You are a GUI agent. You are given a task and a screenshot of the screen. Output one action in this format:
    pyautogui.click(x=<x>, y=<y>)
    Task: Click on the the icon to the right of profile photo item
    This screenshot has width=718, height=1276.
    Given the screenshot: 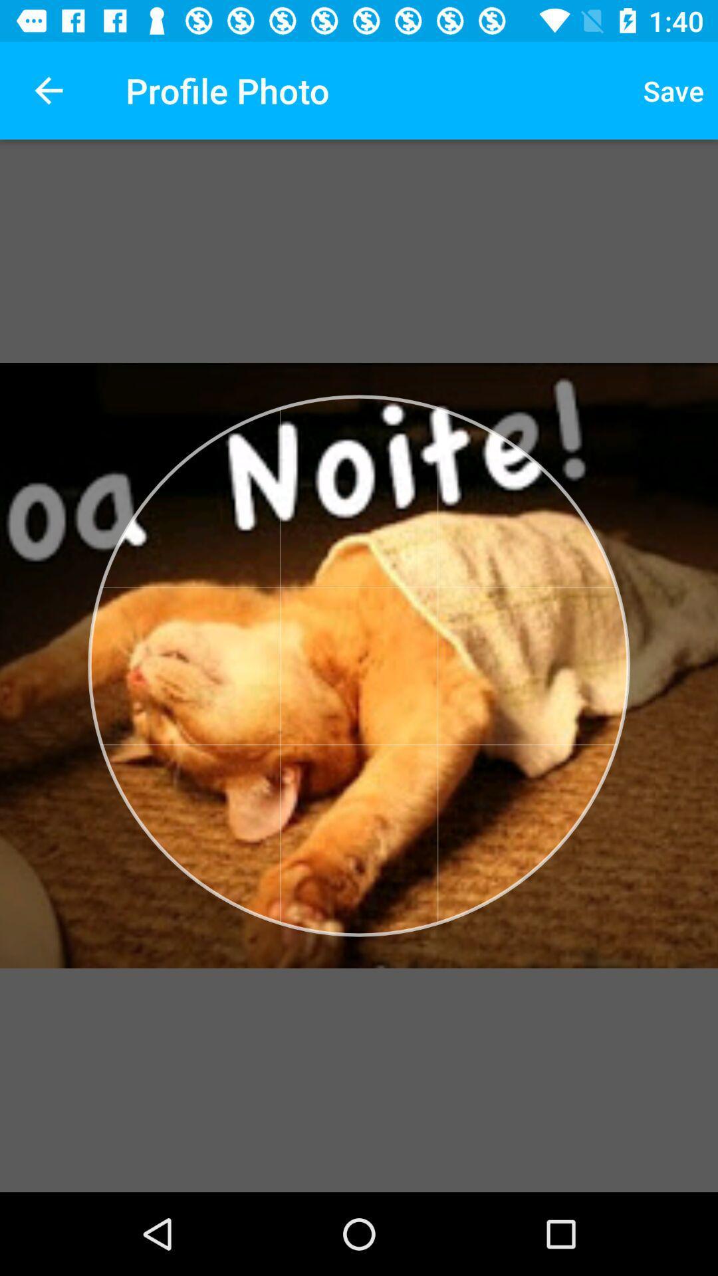 What is the action you would take?
    pyautogui.click(x=673, y=90)
    